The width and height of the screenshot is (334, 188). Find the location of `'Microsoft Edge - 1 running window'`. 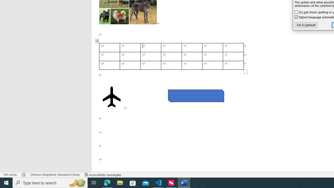

'Microsoft Edge - 1 running window' is located at coordinates (107, 182).